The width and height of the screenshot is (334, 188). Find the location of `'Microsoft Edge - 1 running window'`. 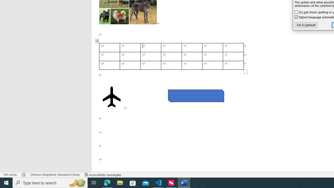

'Microsoft Edge - 1 running window' is located at coordinates (107, 182).